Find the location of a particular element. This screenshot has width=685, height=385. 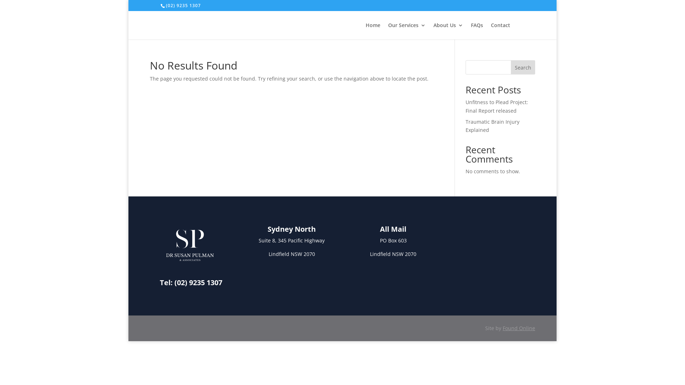

'FAQs' is located at coordinates (477, 31).